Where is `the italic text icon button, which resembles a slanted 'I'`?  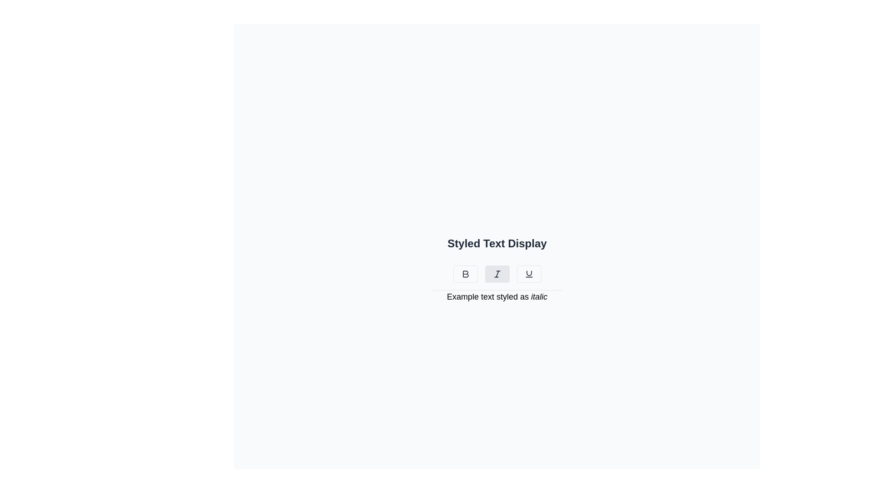 the italic text icon button, which resembles a slanted 'I' is located at coordinates (497, 273).